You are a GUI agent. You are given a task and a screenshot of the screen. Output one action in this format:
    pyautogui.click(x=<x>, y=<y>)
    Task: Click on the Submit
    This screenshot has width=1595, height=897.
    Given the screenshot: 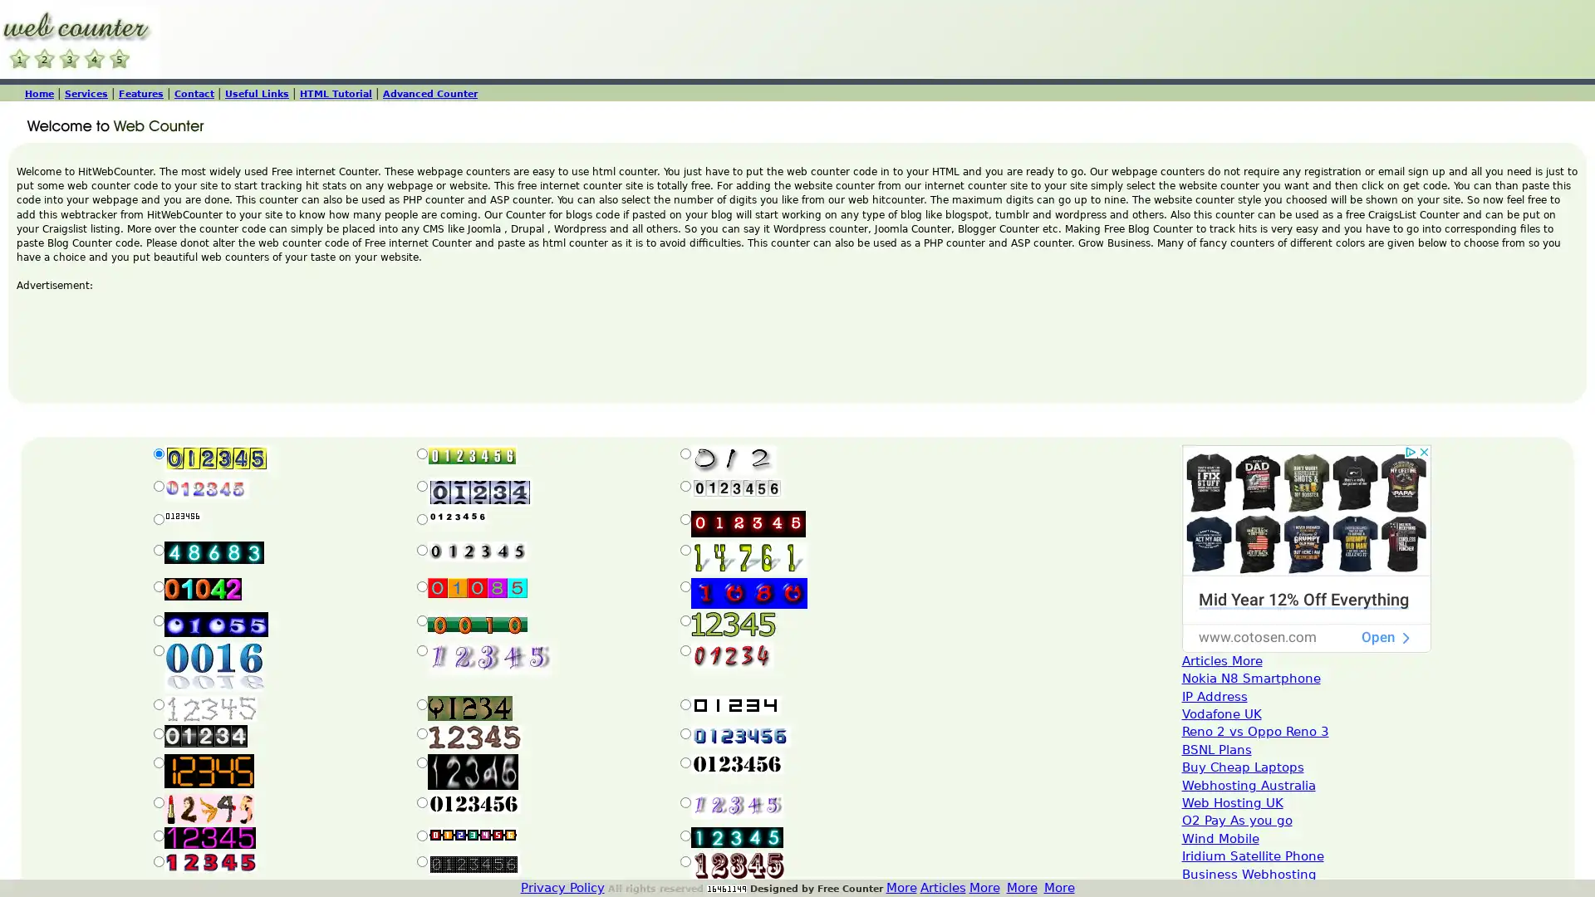 What is the action you would take?
    pyautogui.click(x=216, y=458)
    